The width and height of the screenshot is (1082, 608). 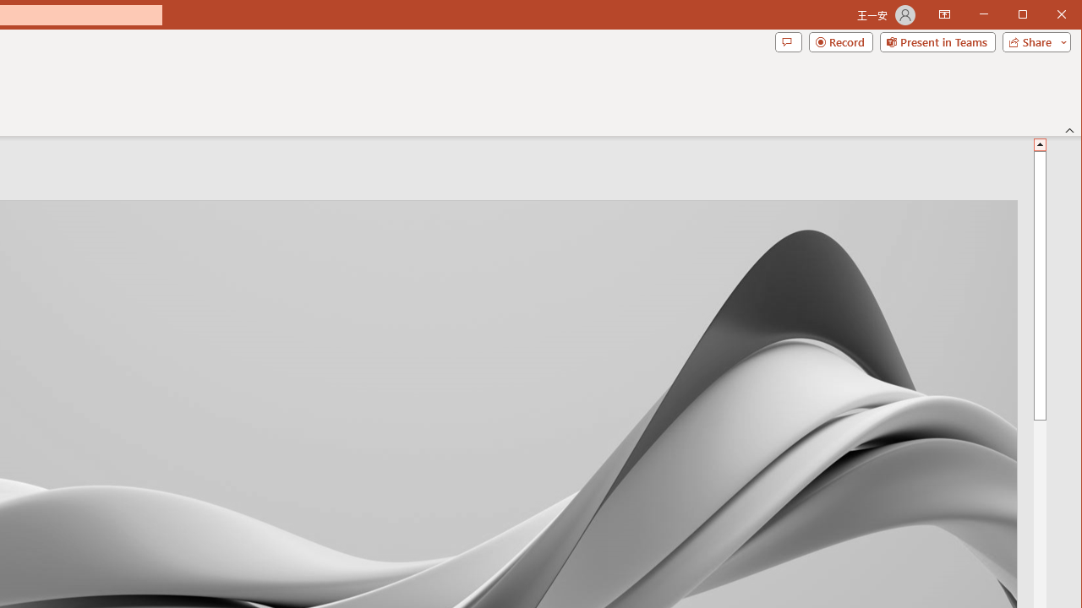 I want to click on 'Minimize', so click(x=1027, y=16).